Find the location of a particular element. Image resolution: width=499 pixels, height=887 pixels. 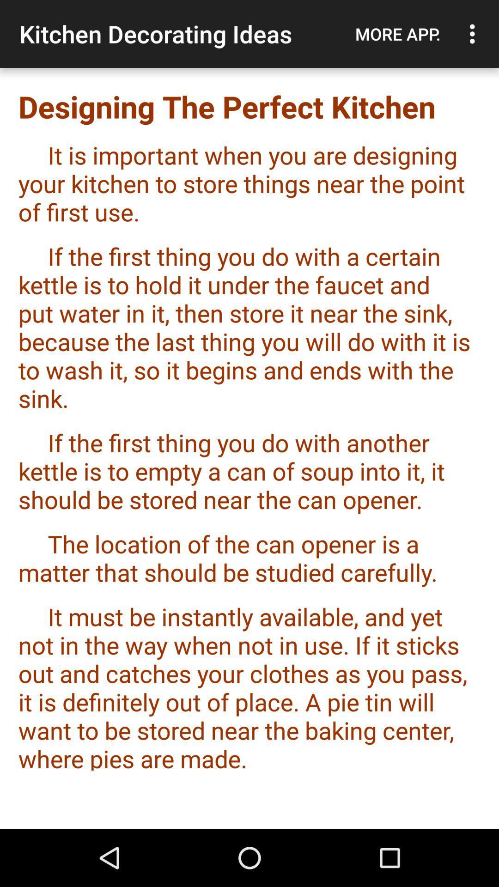

icon next to kitchen decorating ideas icon is located at coordinates (397, 34).